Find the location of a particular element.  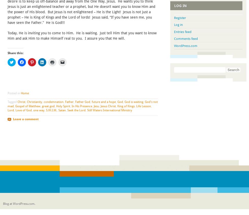

'Father God' is located at coordinates (83, 101).